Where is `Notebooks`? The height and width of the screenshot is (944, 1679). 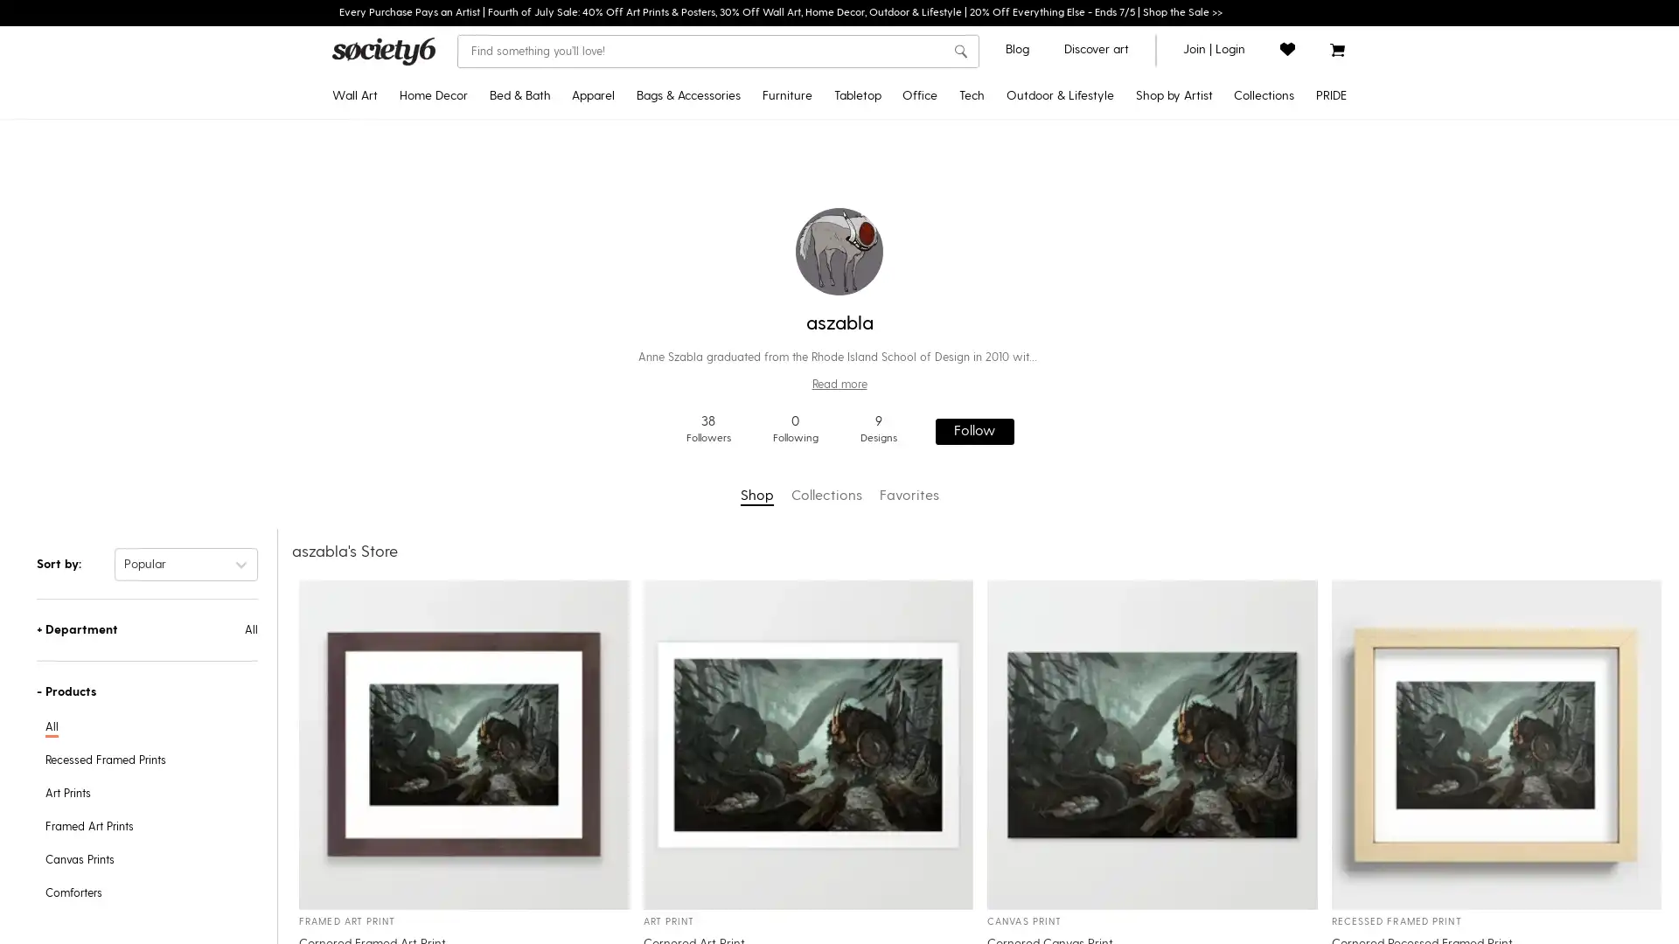 Notebooks is located at coordinates (963, 197).